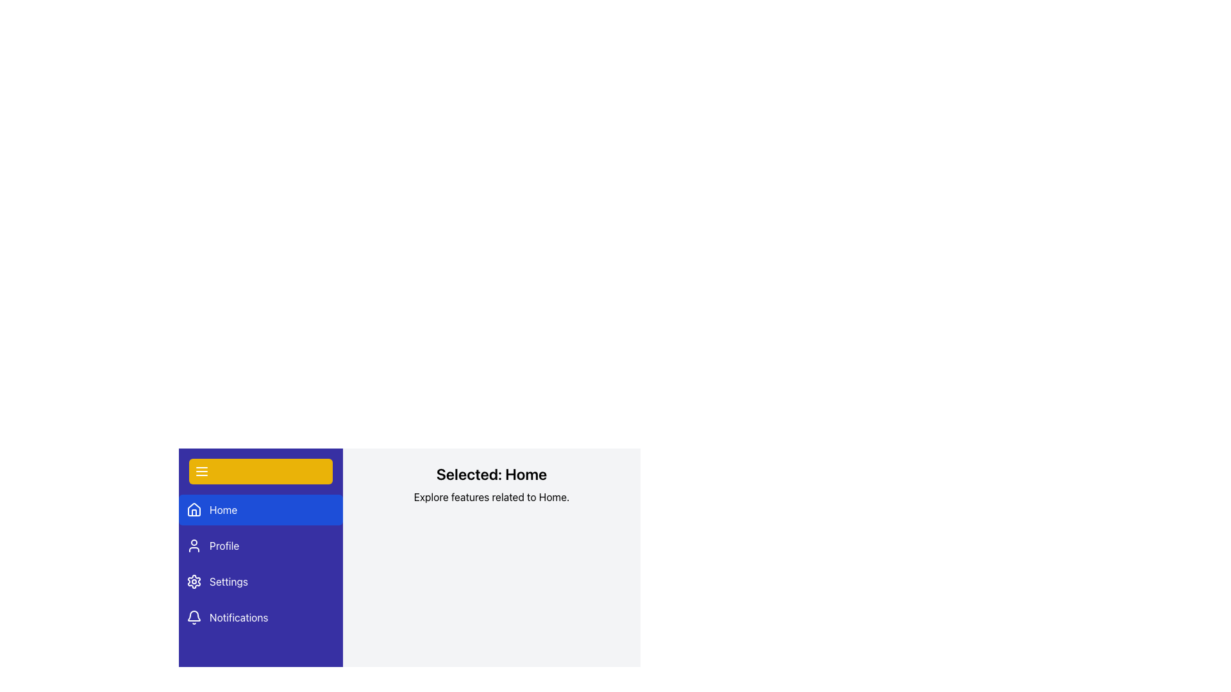 The height and width of the screenshot is (692, 1231). Describe the element at coordinates (260, 581) in the screenshot. I see `the 'Settings' button located in the vertical navigation bar, which is the third item in the menu list` at that location.